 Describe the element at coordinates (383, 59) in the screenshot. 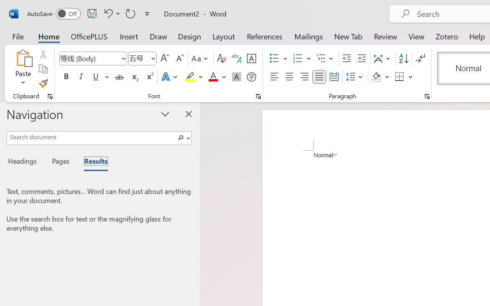

I see `'Asian Layout'` at that location.